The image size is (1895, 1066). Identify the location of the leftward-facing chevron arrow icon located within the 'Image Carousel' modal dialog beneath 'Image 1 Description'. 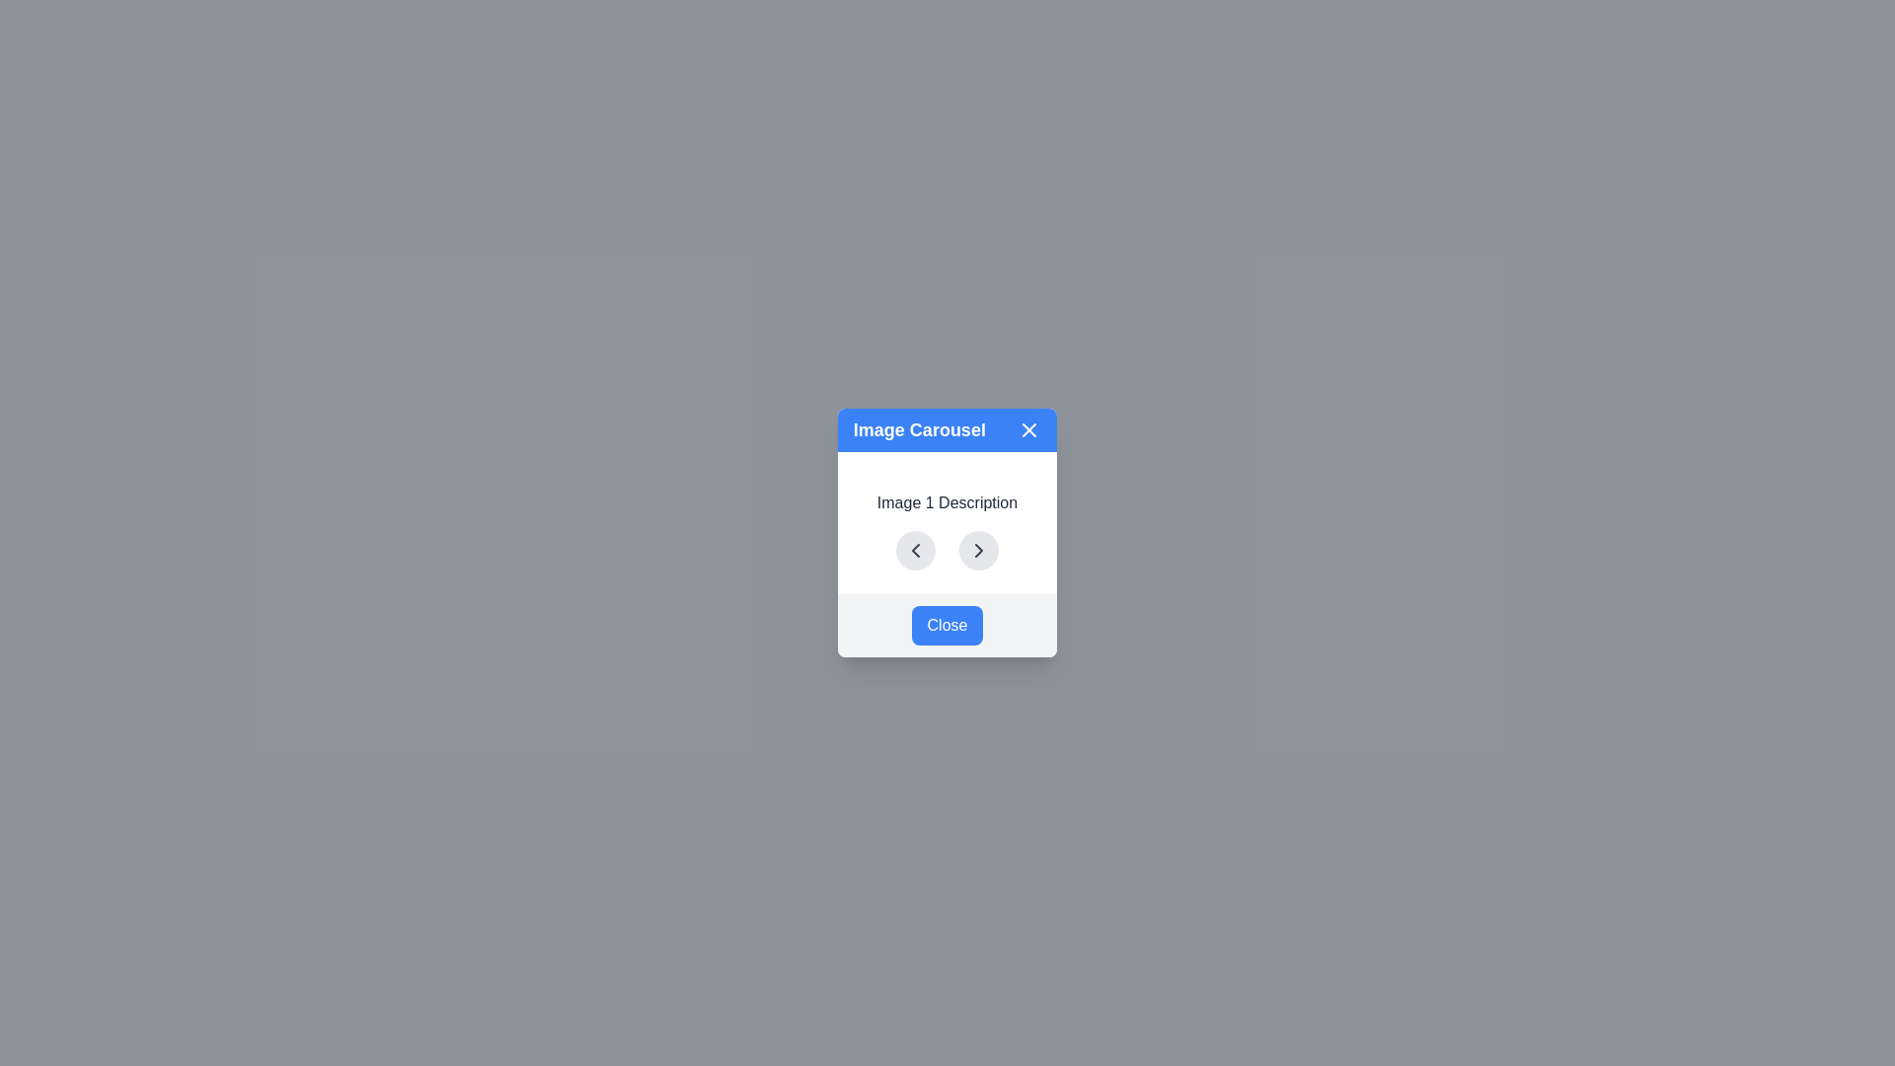
(914, 551).